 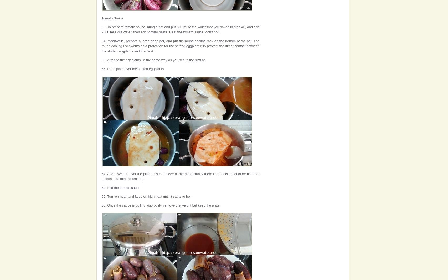 What do you see at coordinates (180, 29) in the screenshot?
I see `'53. To prepare tomato sauce, bring a pot and put 500 ml of the water that you saved in step 40, and add 2000 ml extra water, then add tomato paste'` at bounding box center [180, 29].